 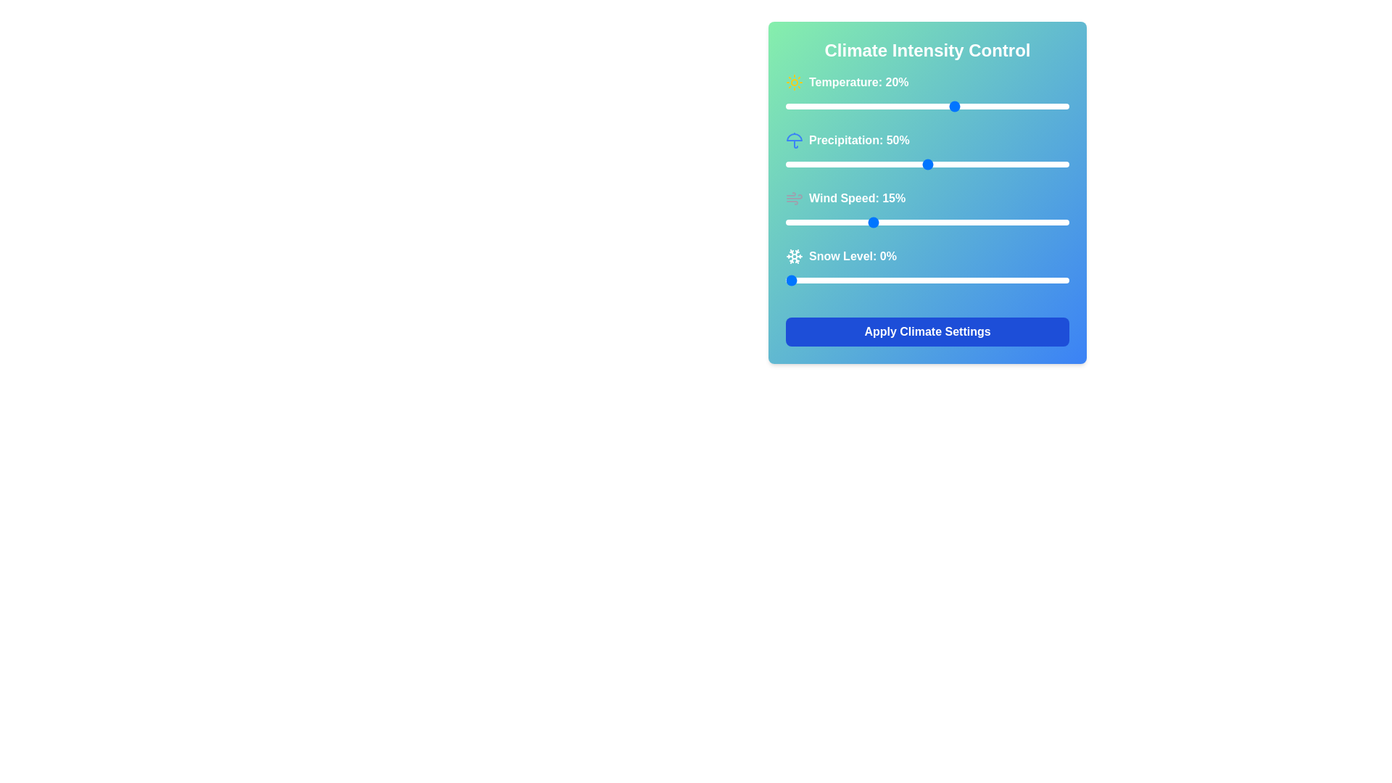 What do you see at coordinates (944, 223) in the screenshot?
I see `wind speed` at bounding box center [944, 223].